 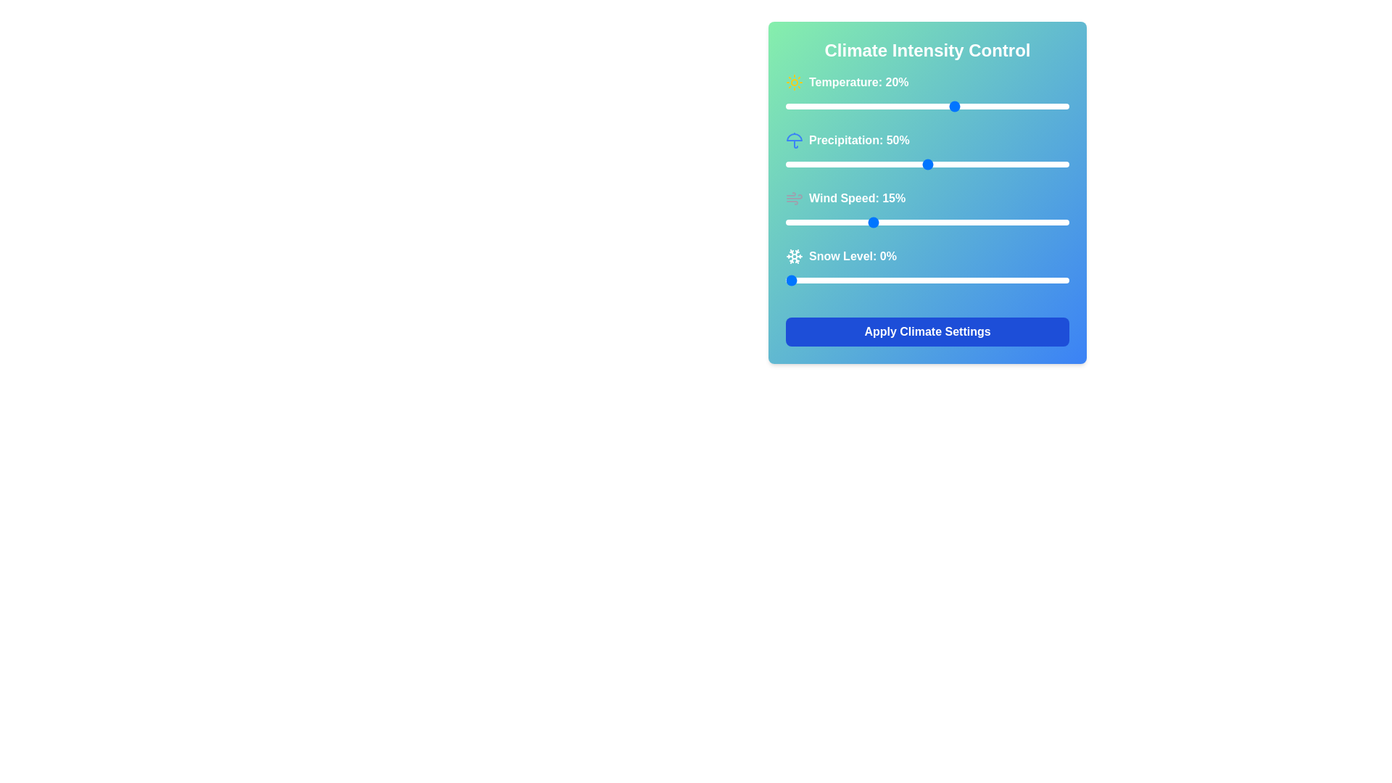 What do you see at coordinates (944, 223) in the screenshot?
I see `wind speed` at bounding box center [944, 223].